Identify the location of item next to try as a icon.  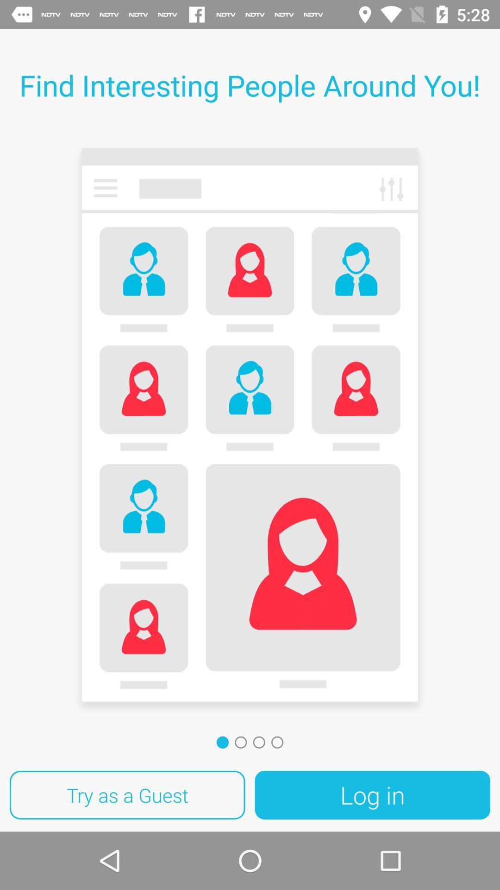
(372, 795).